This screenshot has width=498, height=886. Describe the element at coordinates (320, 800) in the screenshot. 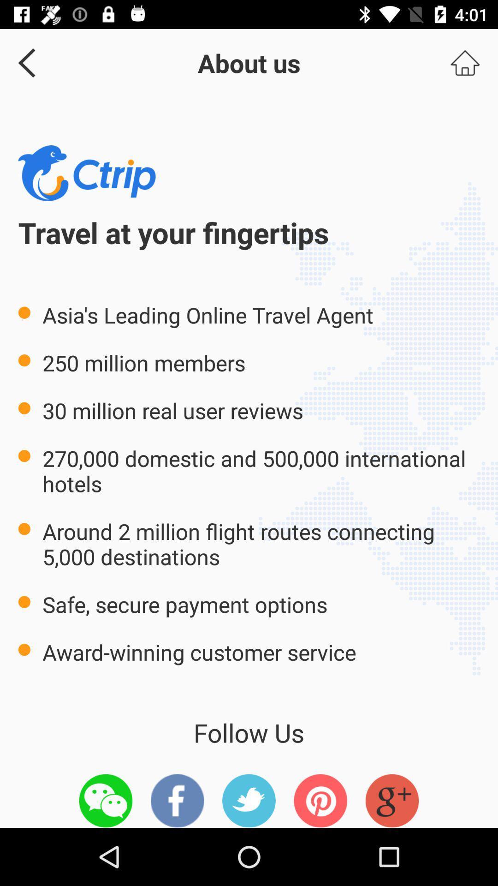

I see `pinterest link` at that location.